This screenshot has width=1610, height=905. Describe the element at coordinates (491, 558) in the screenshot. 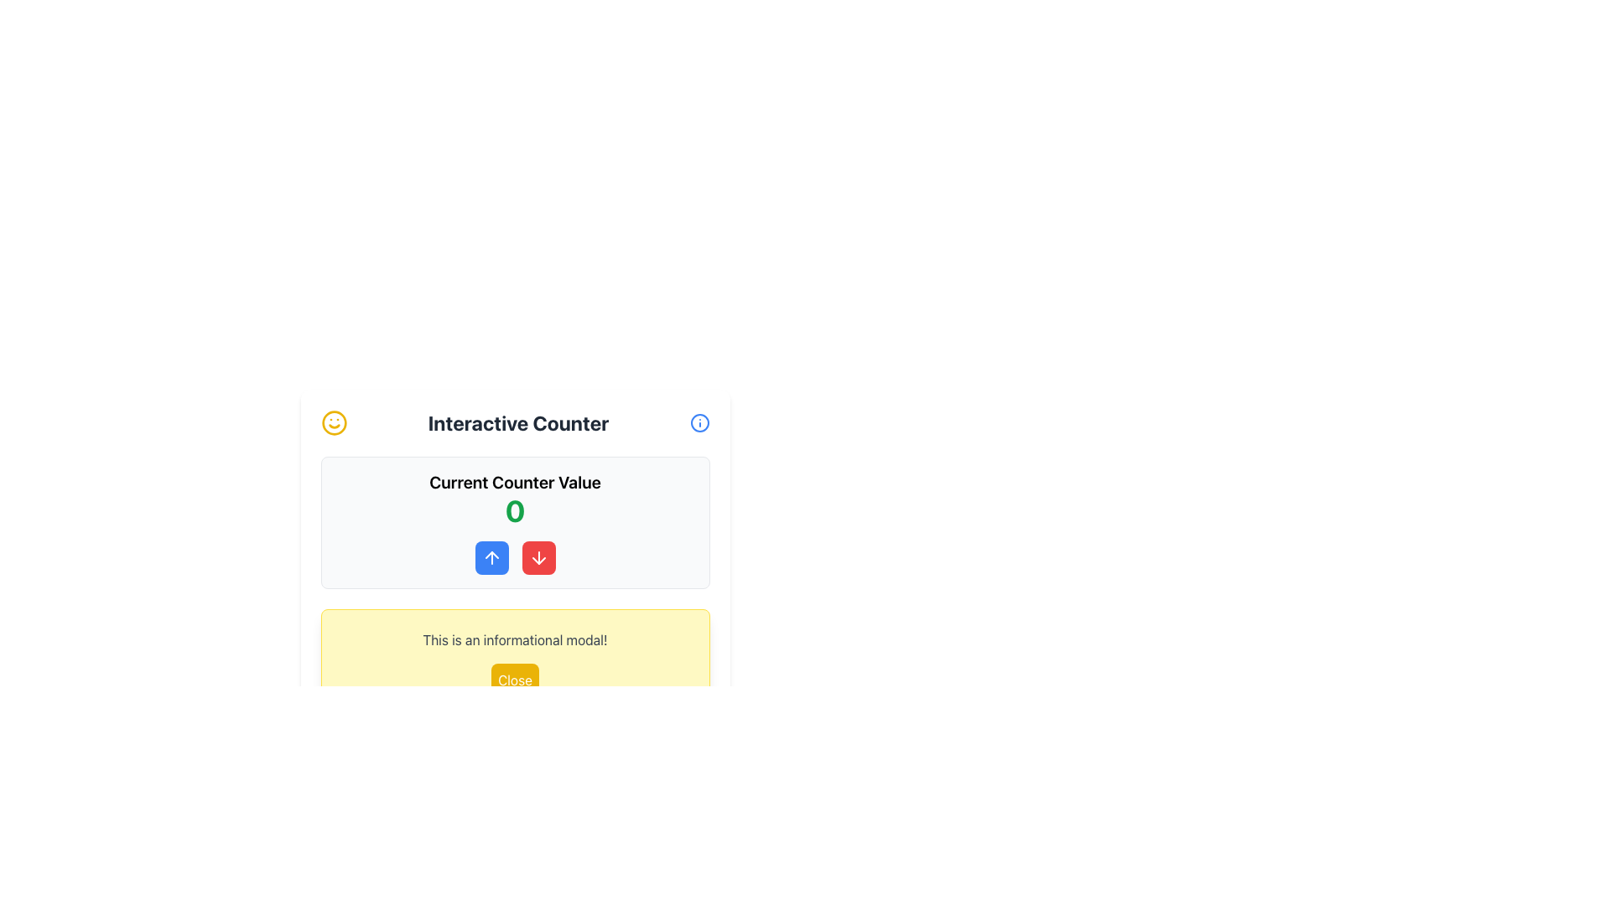

I see `the upward-pointing arrow graphic icon located at the center of the blue button below the 'Current Counter Value' display` at that location.